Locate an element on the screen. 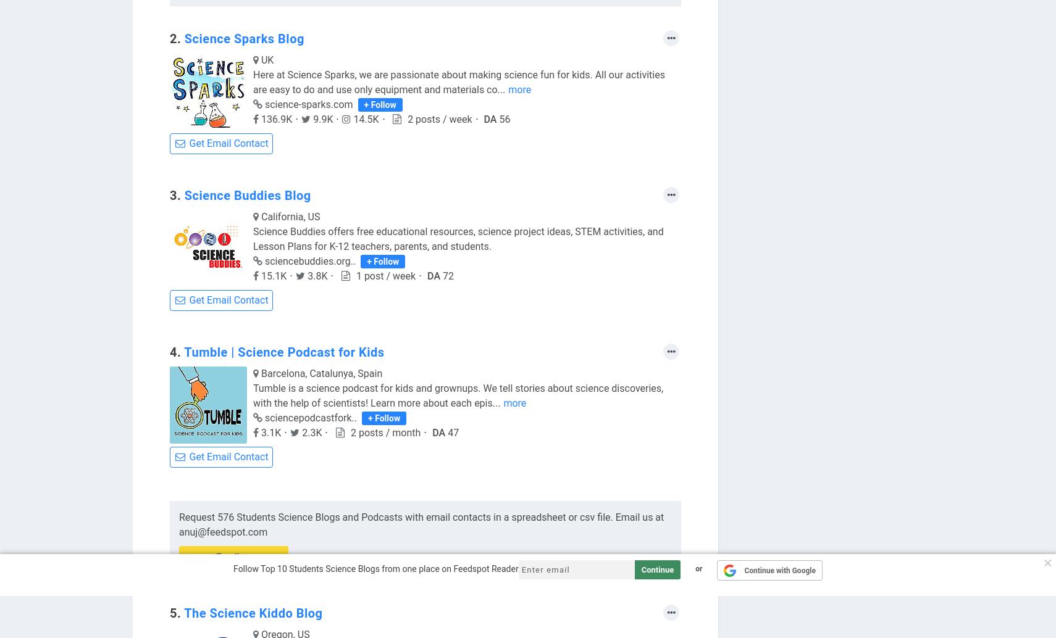  '3.8K' is located at coordinates (317, 275).